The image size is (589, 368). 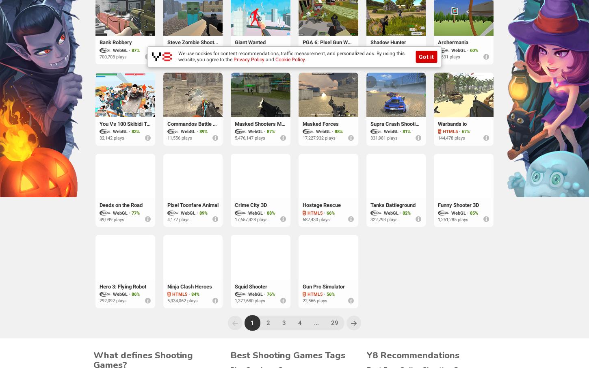 I want to click on '60%', so click(x=473, y=49).